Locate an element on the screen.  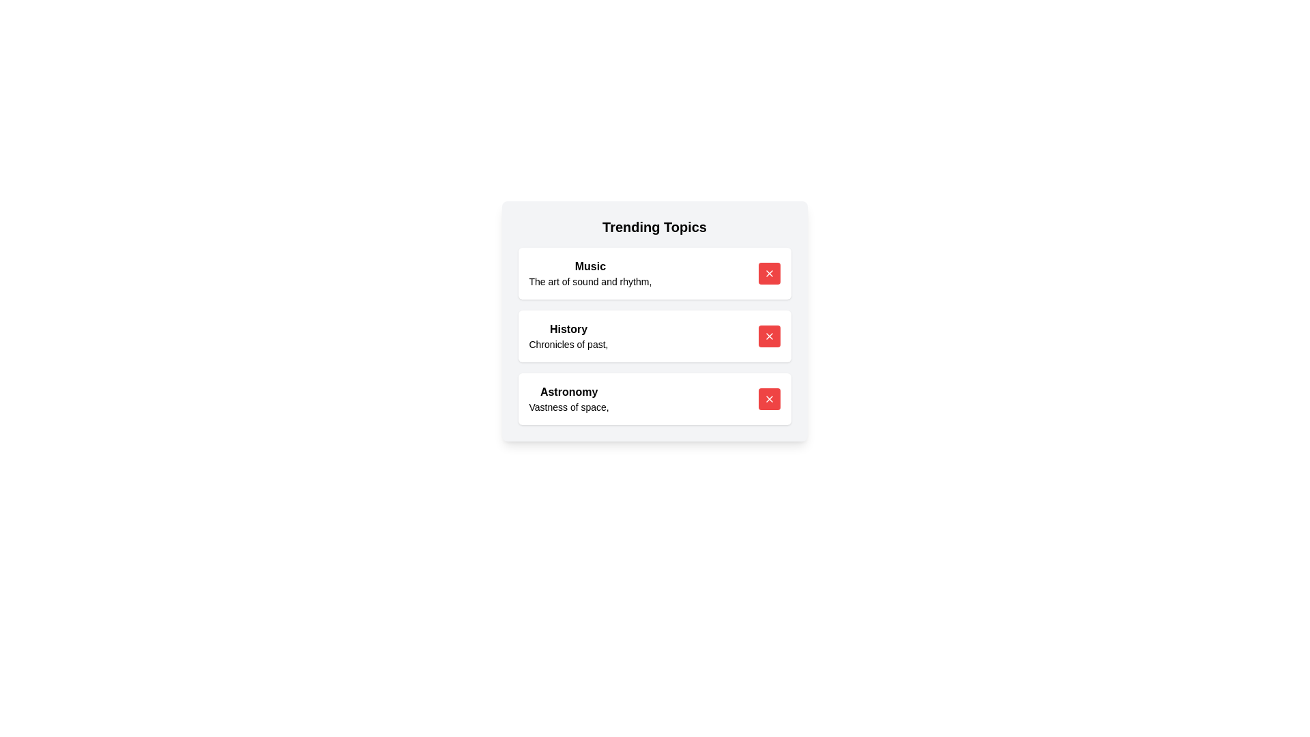
remove button next to the topic Astronomy to delete it is located at coordinates (769, 399).